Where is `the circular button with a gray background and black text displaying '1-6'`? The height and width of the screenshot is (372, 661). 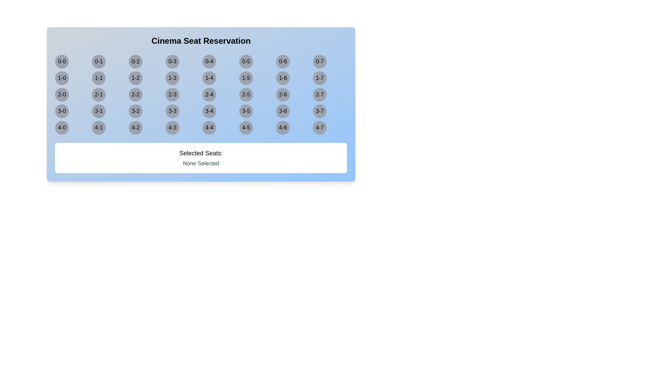
the circular button with a gray background and black text displaying '1-6' is located at coordinates (283, 78).